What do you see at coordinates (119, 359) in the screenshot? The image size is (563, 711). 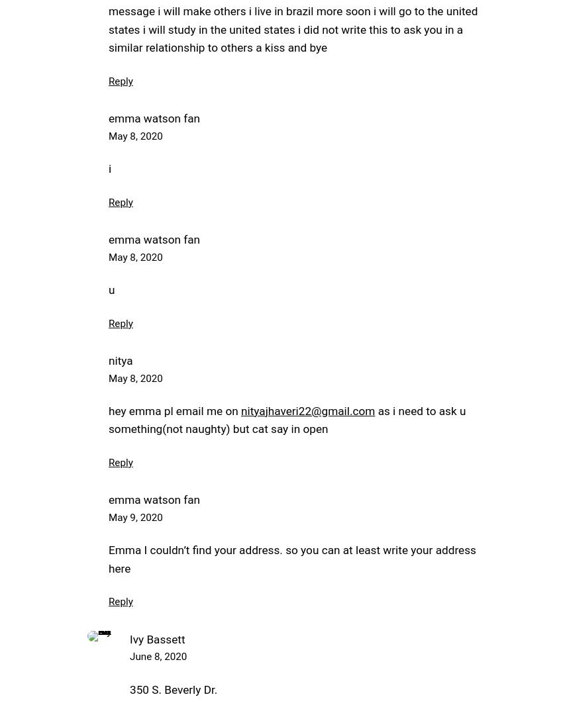 I see `'nitya'` at bounding box center [119, 359].